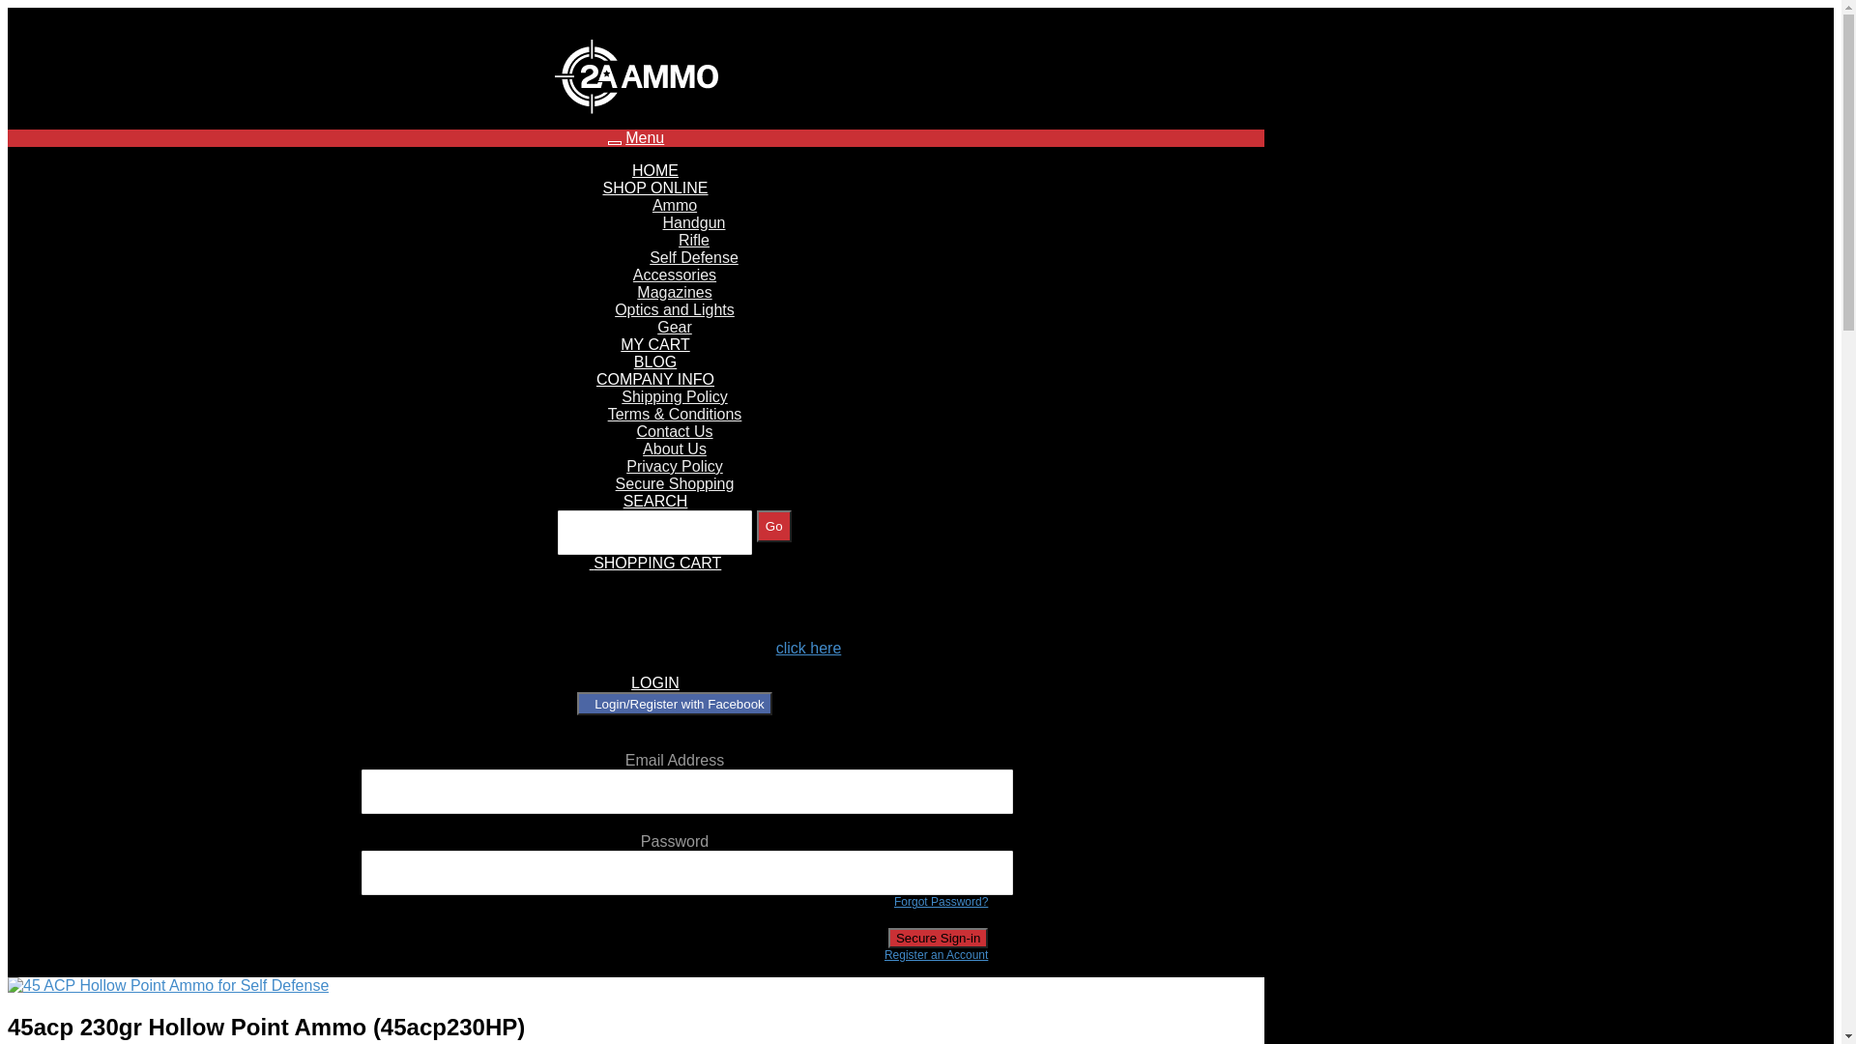 This screenshot has height=1044, width=1856. Describe the element at coordinates (654, 169) in the screenshot. I see `'HOME'` at that location.